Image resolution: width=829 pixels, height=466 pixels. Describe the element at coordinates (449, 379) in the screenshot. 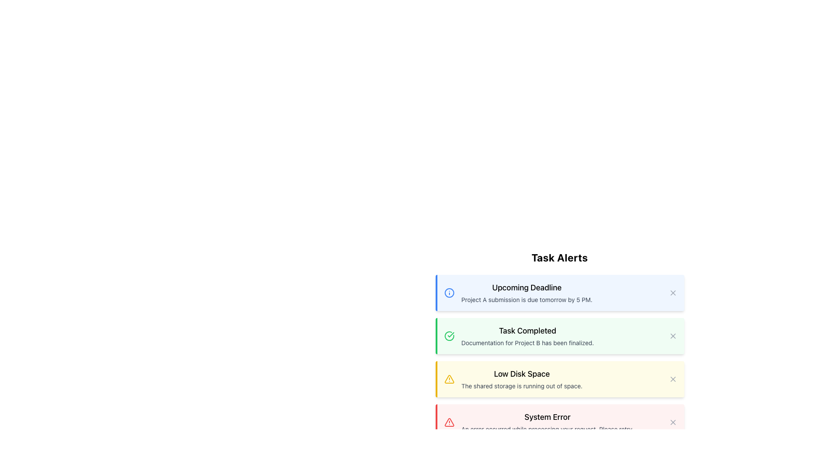

I see `the triangle warning icon located on the left side of the yellow 'Low Disk Space' alert box, which is the third alert down from the 'Task Alerts' header` at that location.